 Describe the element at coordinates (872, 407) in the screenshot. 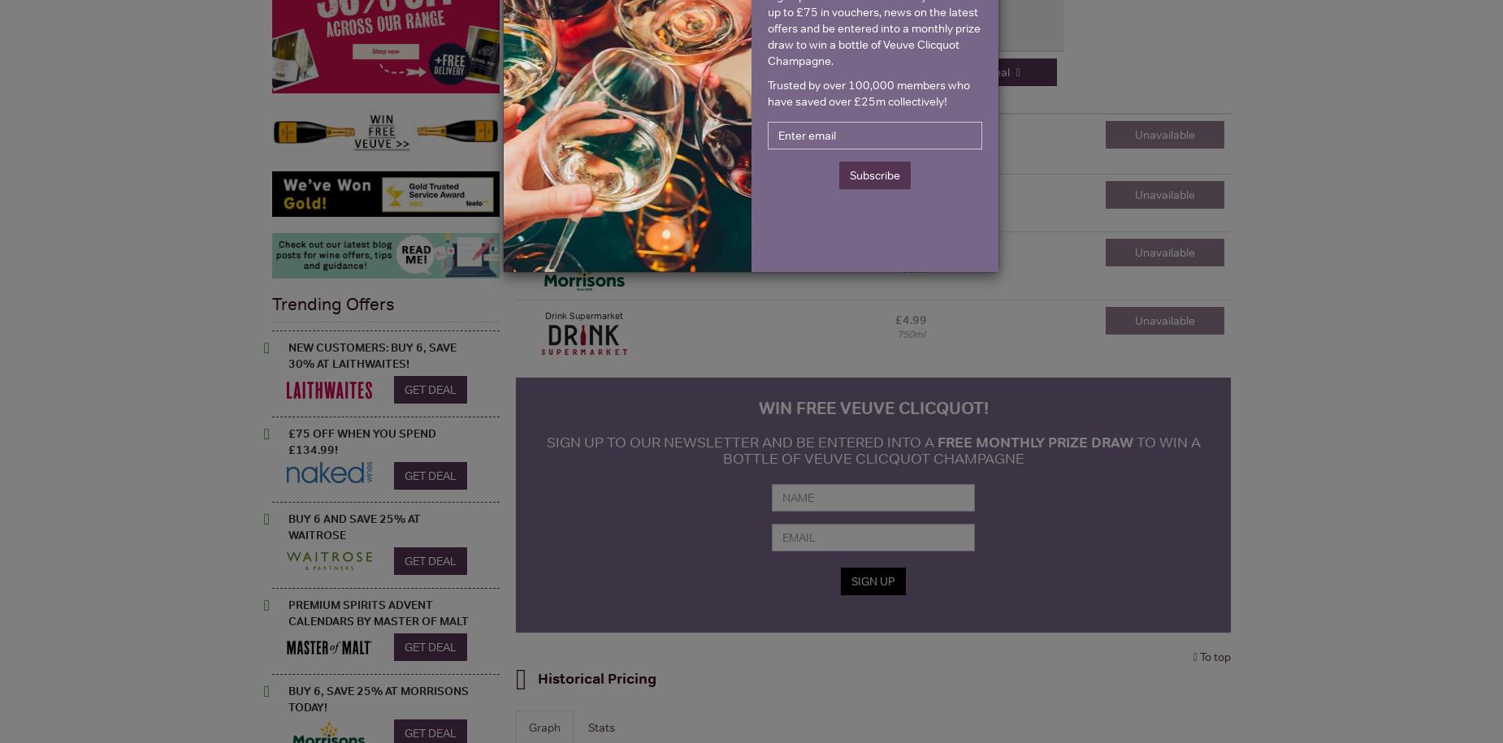

I see `'Win free Veuve Clicquot!'` at that location.